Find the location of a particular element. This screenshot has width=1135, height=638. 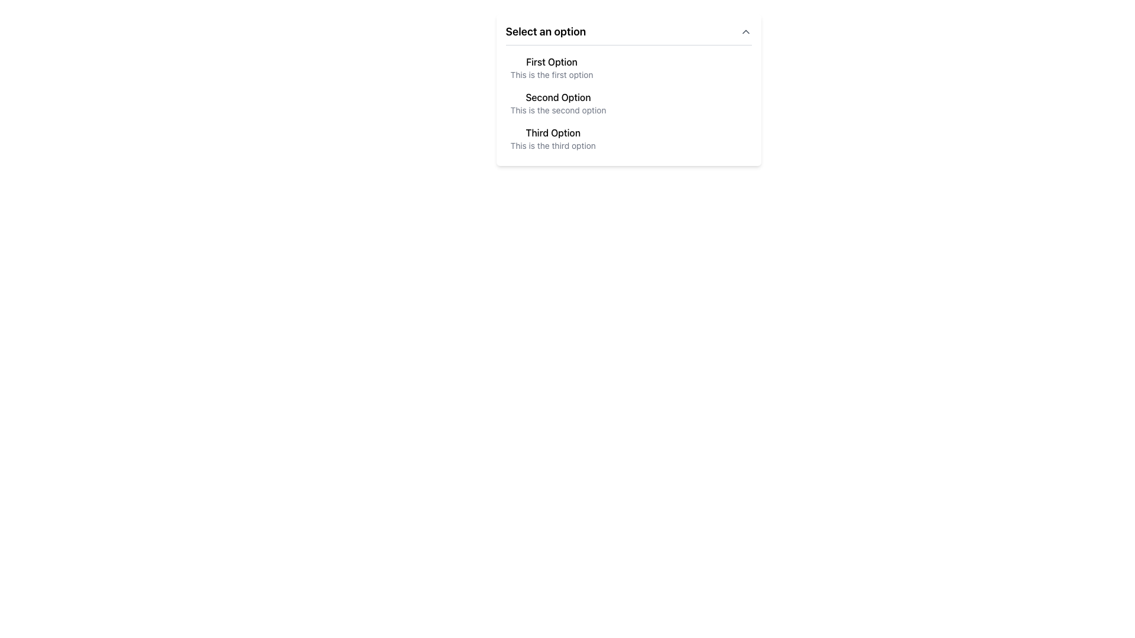

the 'Second Option' in the dropdown list is located at coordinates (628, 102).